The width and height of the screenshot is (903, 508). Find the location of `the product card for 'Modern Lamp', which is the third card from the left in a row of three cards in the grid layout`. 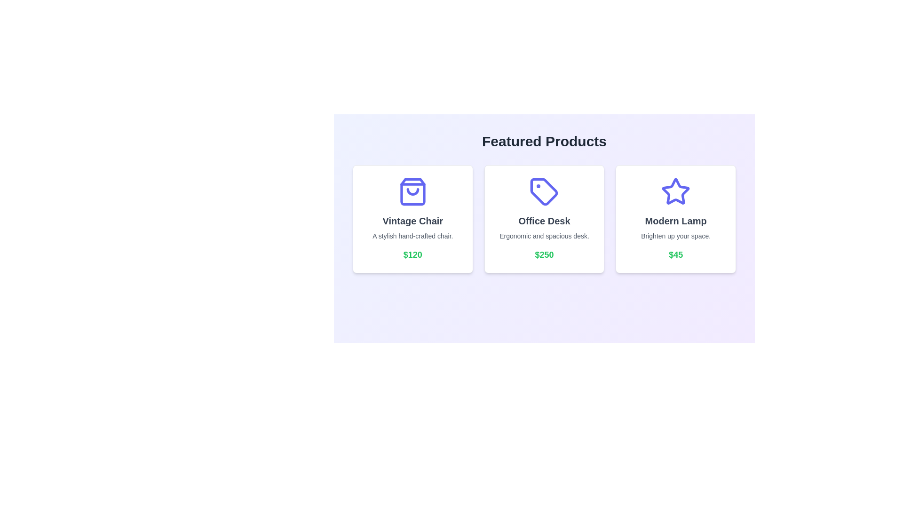

the product card for 'Modern Lamp', which is the third card from the left in a row of three cards in the grid layout is located at coordinates (675, 219).